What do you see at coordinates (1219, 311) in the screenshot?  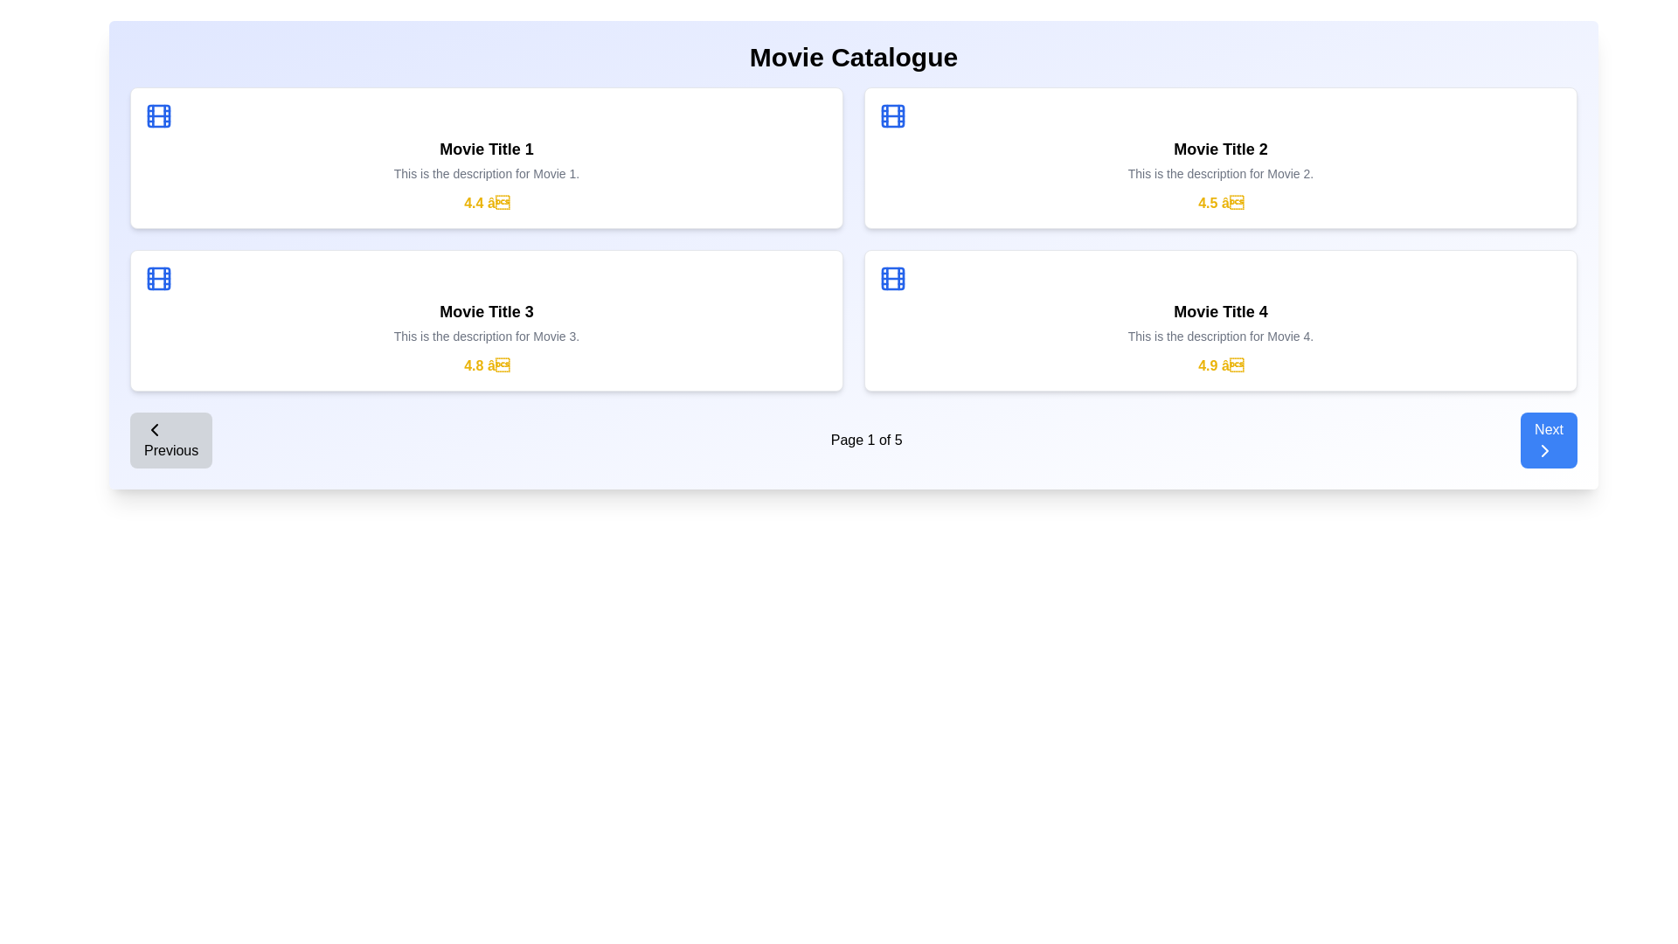 I see `text of the movie title displayed in the second text element of the fourth movie card located in the bottom-right position of the page` at bounding box center [1219, 311].